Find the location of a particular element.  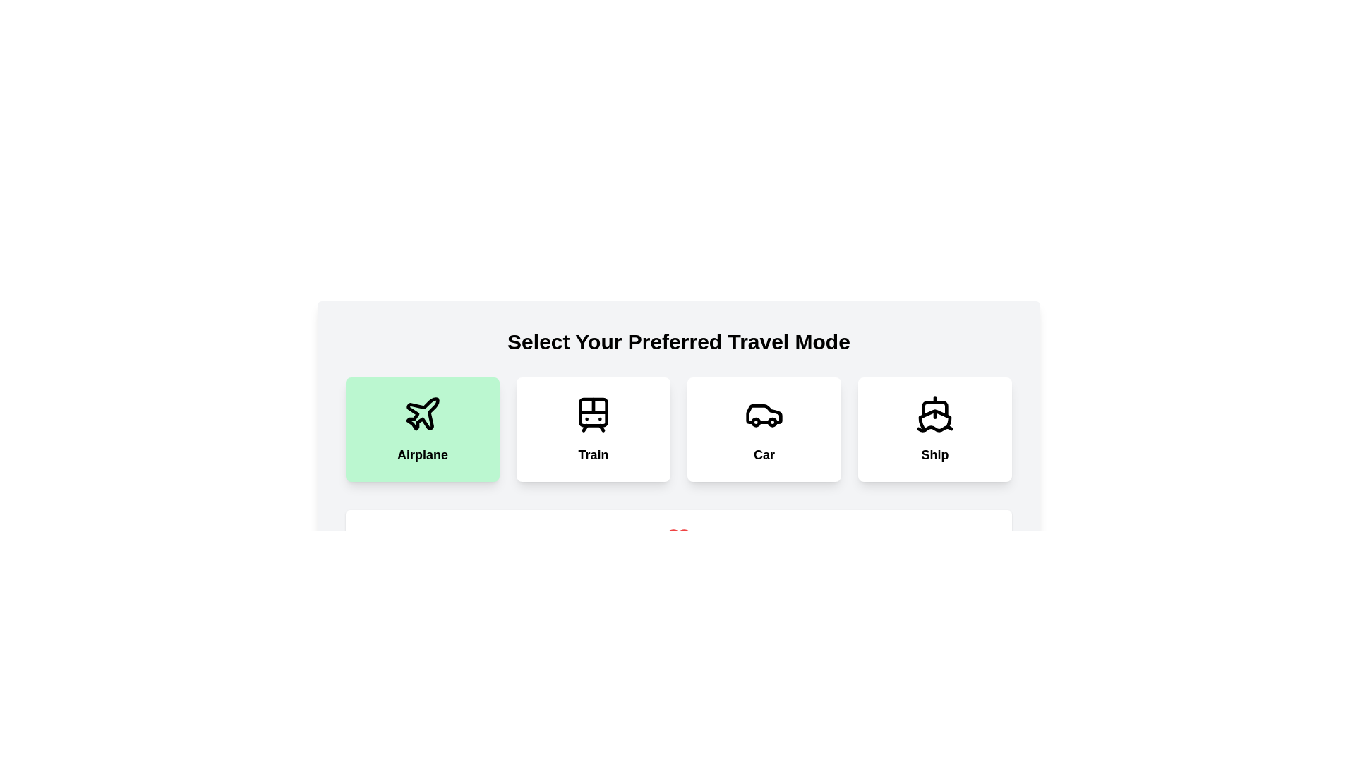

the black airplane icon centered within the light green 'Airplane' button is located at coordinates (422, 413).